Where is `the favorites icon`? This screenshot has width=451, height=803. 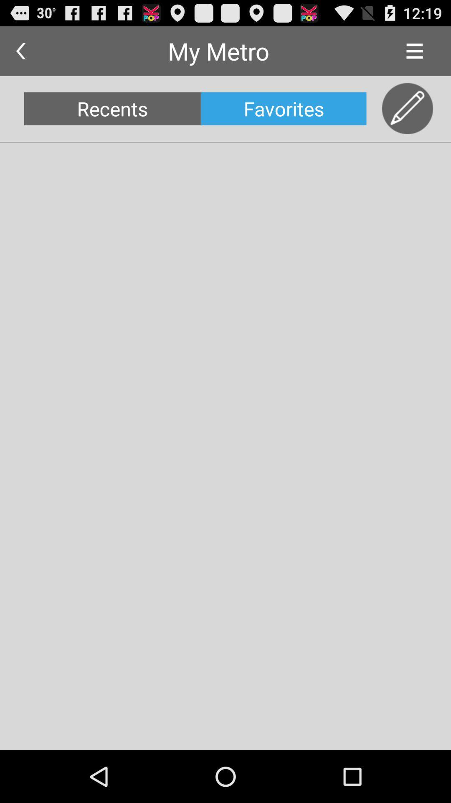 the favorites icon is located at coordinates (283, 108).